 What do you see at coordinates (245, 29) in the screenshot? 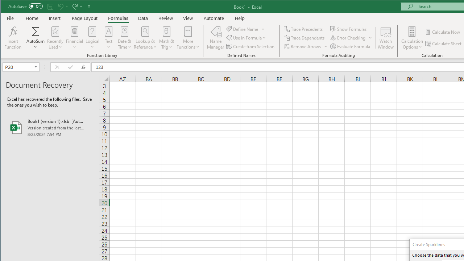
I see `'Define Name'` at bounding box center [245, 29].